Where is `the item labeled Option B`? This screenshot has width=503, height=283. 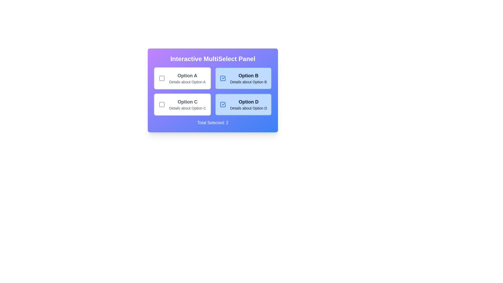
the item labeled Option B is located at coordinates (243, 78).